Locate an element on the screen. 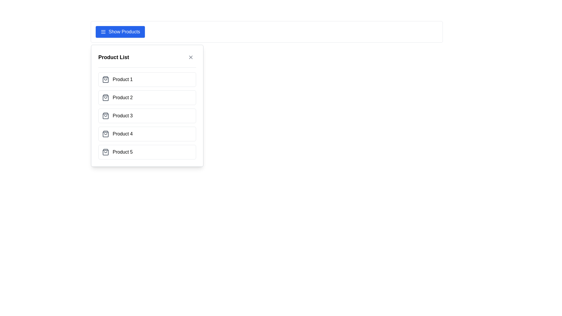  the List Item element displaying 'Product 2' is located at coordinates (147, 97).